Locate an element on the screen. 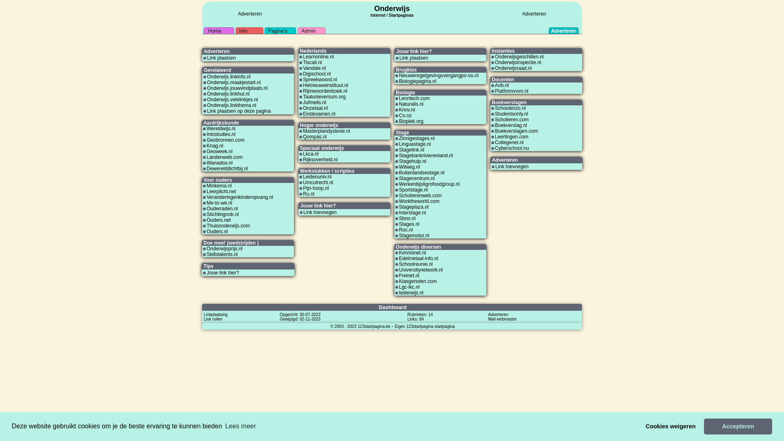  'Startpaginas' is located at coordinates (401, 15).